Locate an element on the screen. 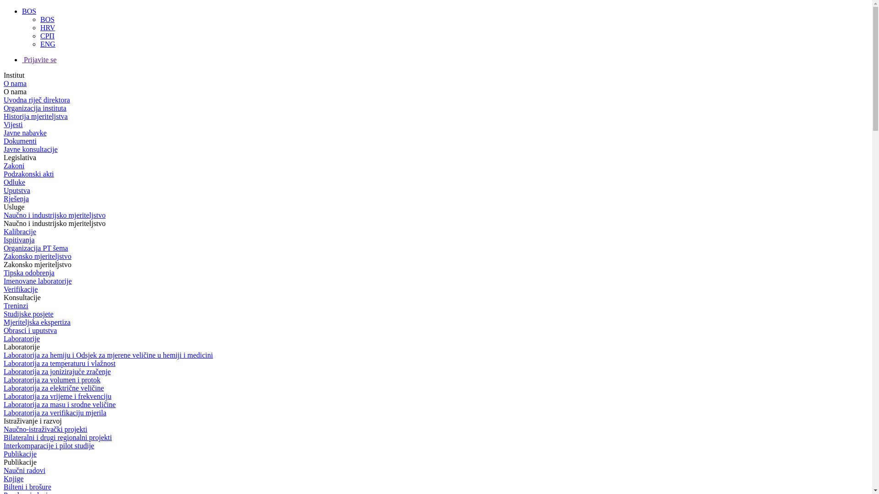 This screenshot has height=494, width=879. 'BOS' is located at coordinates (47, 19).